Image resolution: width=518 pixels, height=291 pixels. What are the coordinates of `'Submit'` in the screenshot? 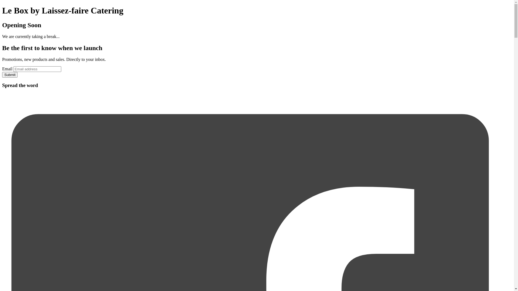 It's located at (2, 75).